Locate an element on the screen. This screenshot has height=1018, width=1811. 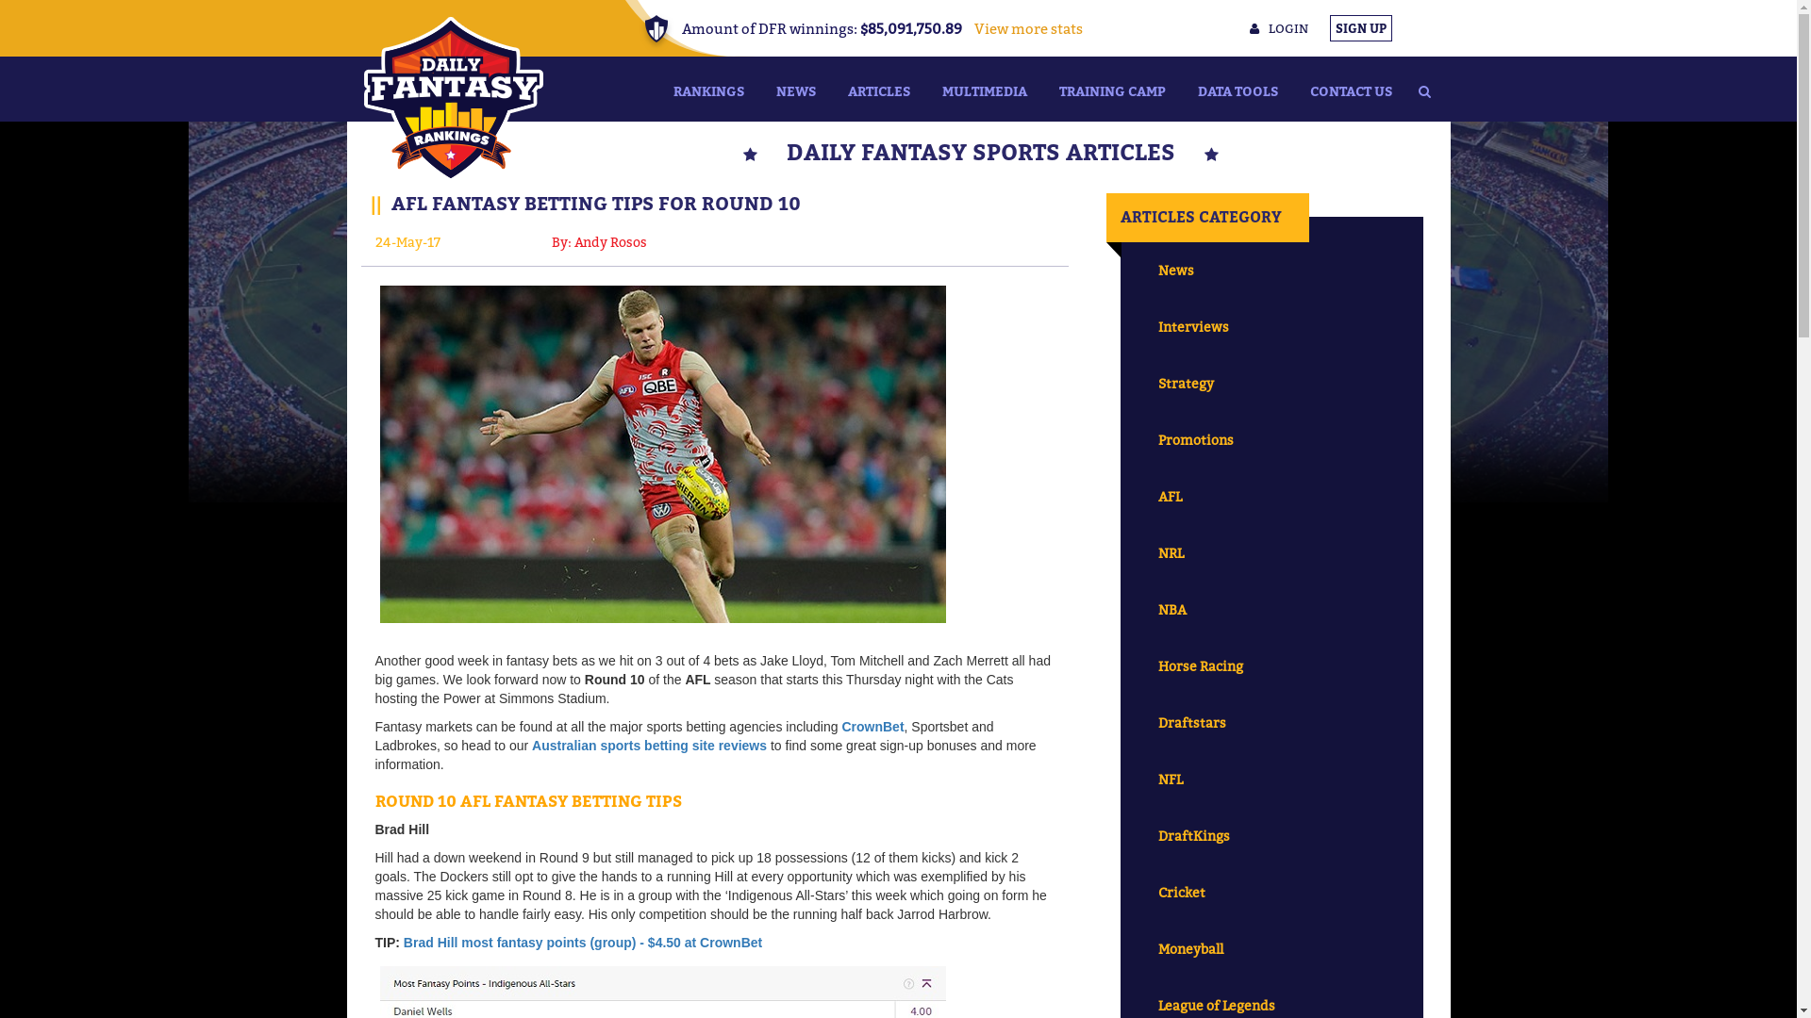
'News' is located at coordinates (1271, 270).